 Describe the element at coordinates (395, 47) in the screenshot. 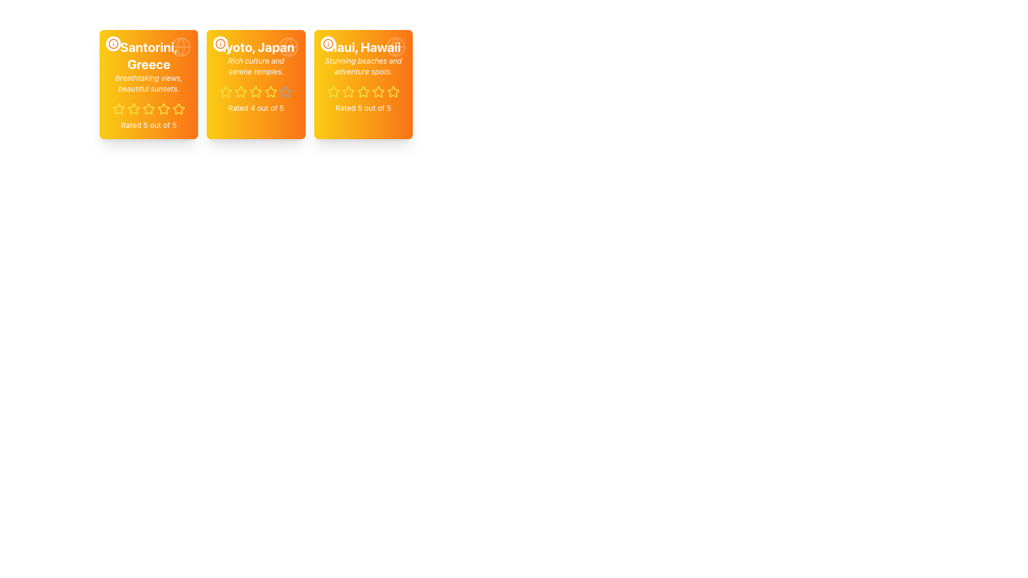

I see `the decorative travel-themed icon (SVG) located in the top-right corner of the 'Maui, Hawaii' card` at that location.